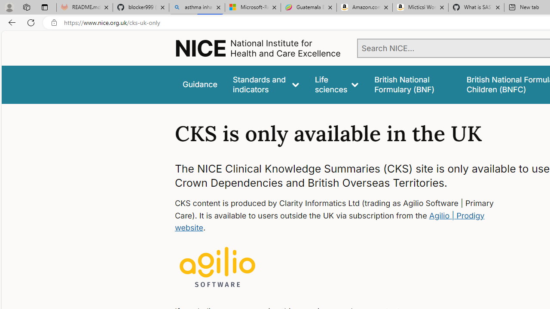  What do you see at coordinates (199, 85) in the screenshot?
I see `'Guidance'` at bounding box center [199, 85].